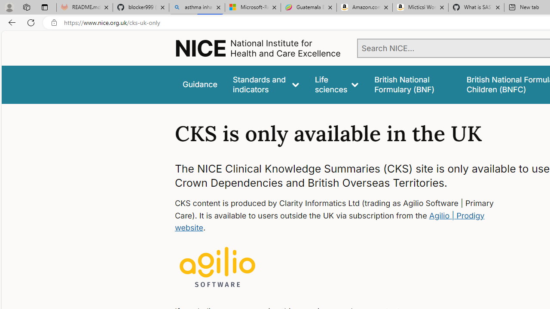  What do you see at coordinates (199, 85) in the screenshot?
I see `'Guidance'` at bounding box center [199, 85].